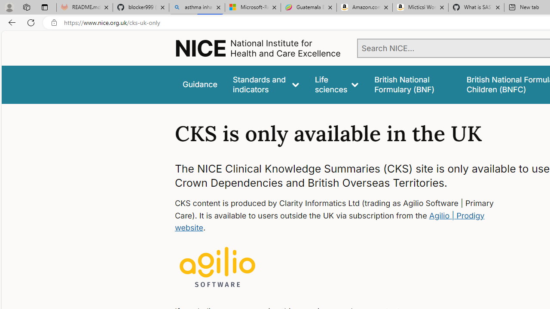  What do you see at coordinates (199, 85) in the screenshot?
I see `'Guidance'` at bounding box center [199, 85].